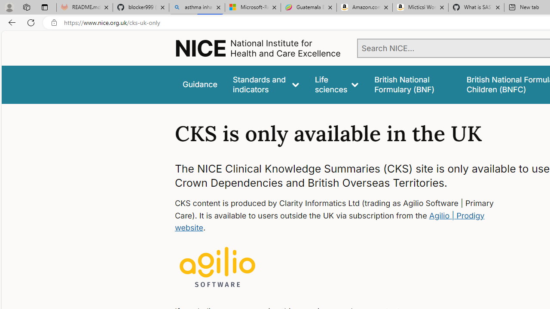  What do you see at coordinates (199, 85) in the screenshot?
I see `'Guidance'` at bounding box center [199, 85].